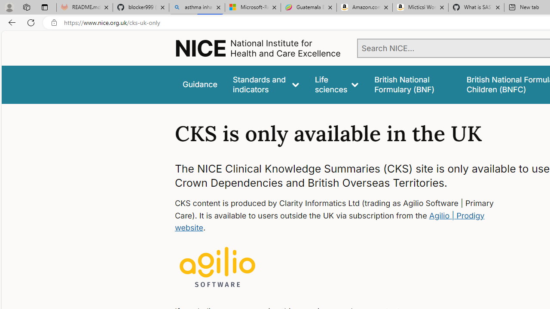  What do you see at coordinates (199, 85) in the screenshot?
I see `'Guidance'` at bounding box center [199, 85].